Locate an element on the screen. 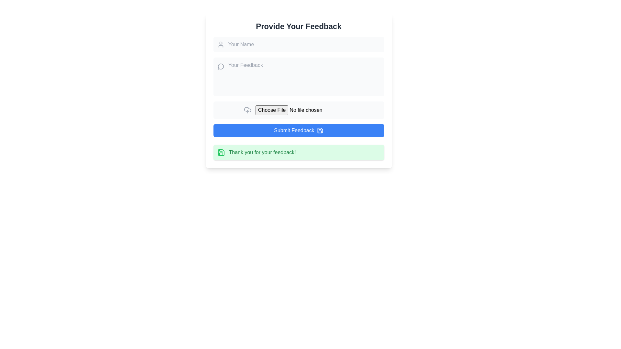  the circular speech bubble icon, which is a light gray outline graphic located to the left of the 'Your Feedback' input box in the feedback form is located at coordinates (221, 67).